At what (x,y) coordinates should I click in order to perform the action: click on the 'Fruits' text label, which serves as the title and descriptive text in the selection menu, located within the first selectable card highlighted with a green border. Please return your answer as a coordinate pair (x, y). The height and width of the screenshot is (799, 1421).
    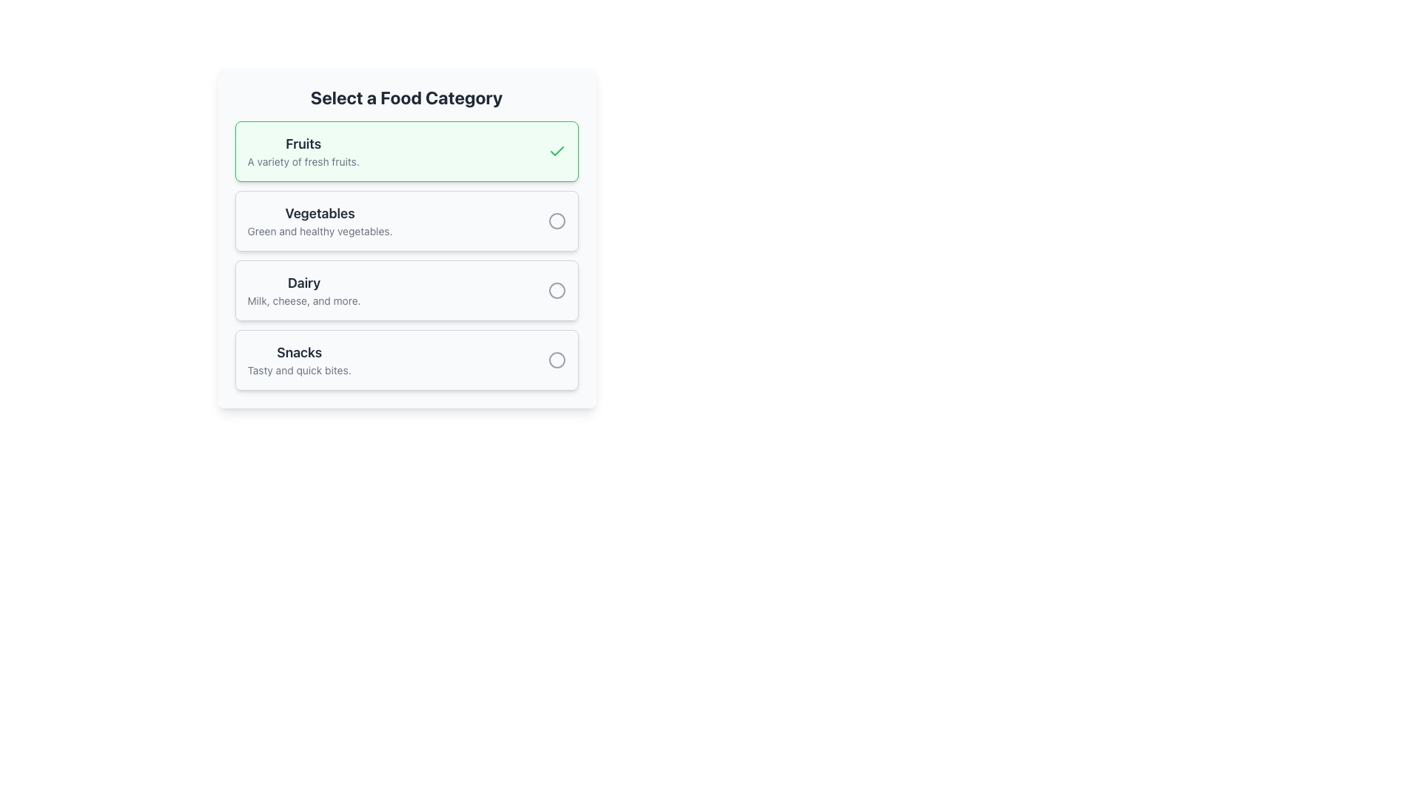
    Looking at the image, I should click on (303, 151).